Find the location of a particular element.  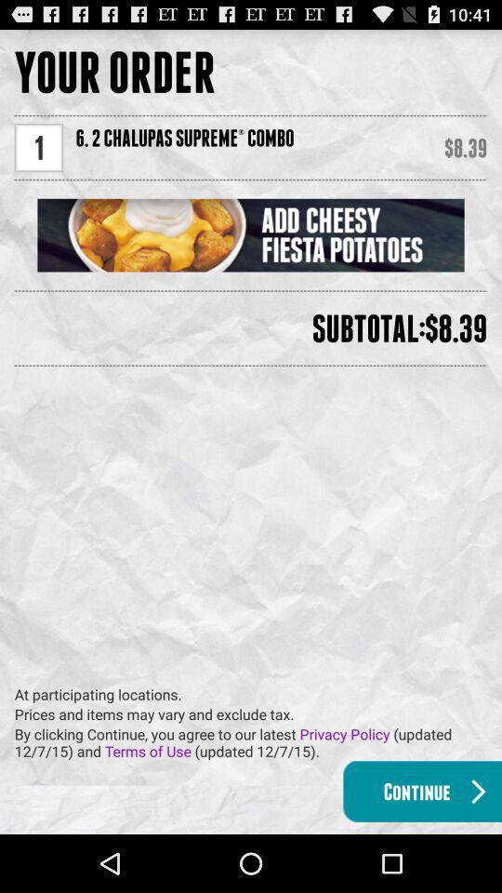

the by clicking continue item is located at coordinates (257, 742).